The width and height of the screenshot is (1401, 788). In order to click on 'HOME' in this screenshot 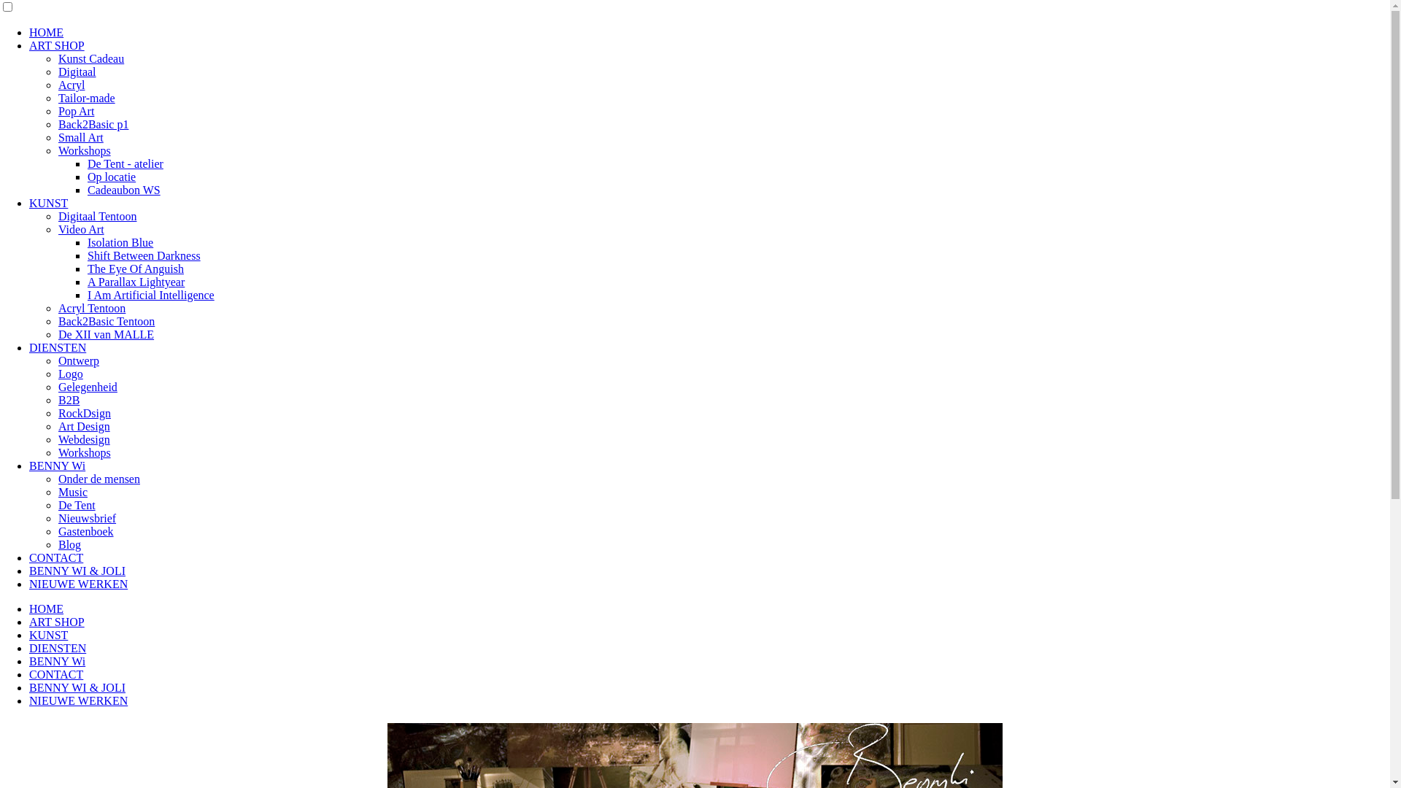, I will do `click(46, 609)`.